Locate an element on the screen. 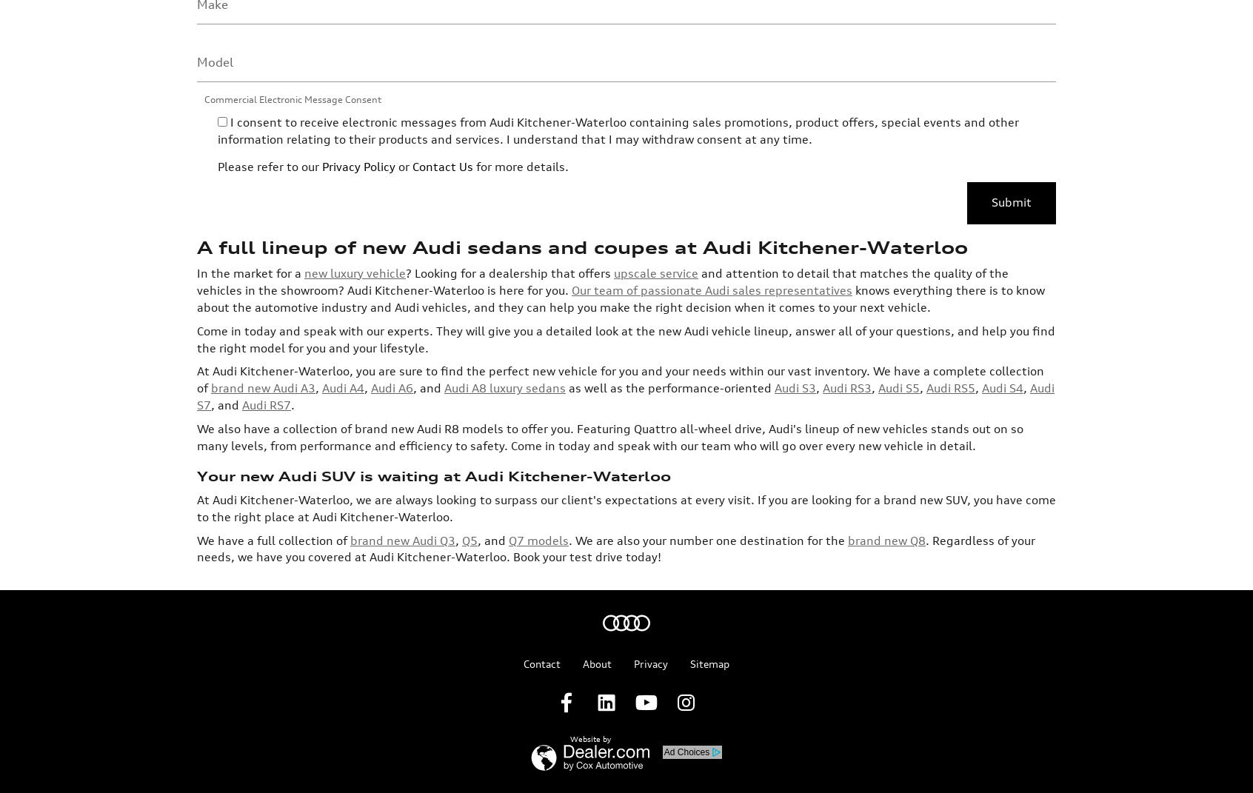 The image size is (1253, 793). 'In the market for a' is located at coordinates (250, 153).